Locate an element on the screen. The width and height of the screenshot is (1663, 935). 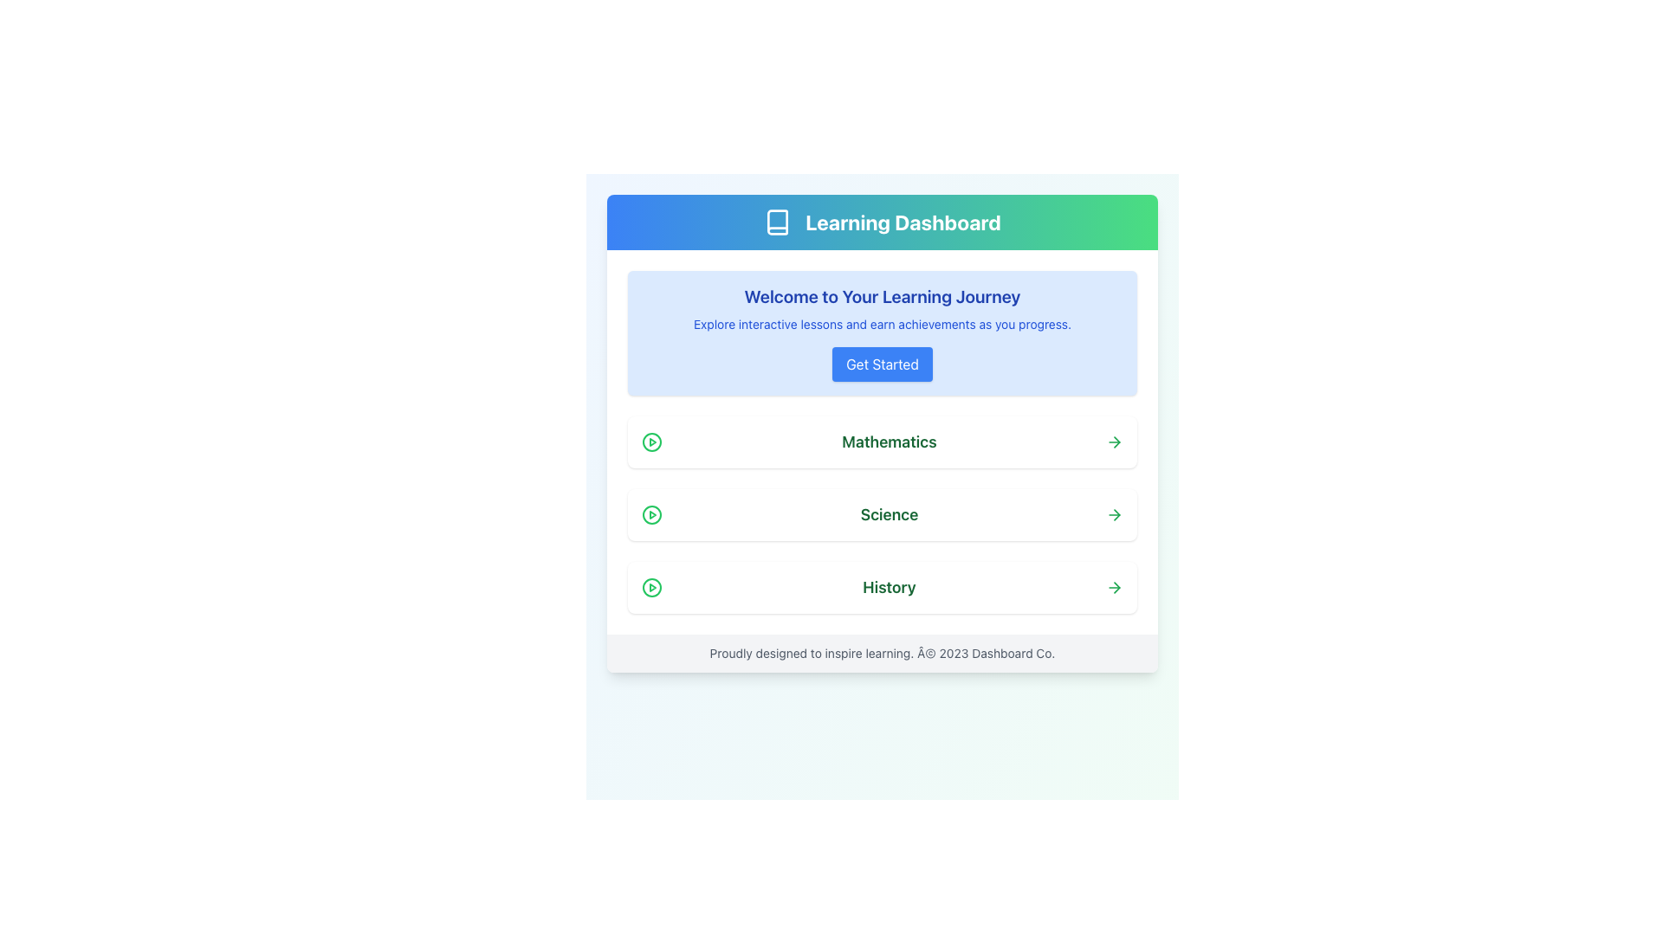
the 'Science' text label, which is displayed in green, bold font as the second item in a vertical list of subjects on a white card background is located at coordinates (890, 513).